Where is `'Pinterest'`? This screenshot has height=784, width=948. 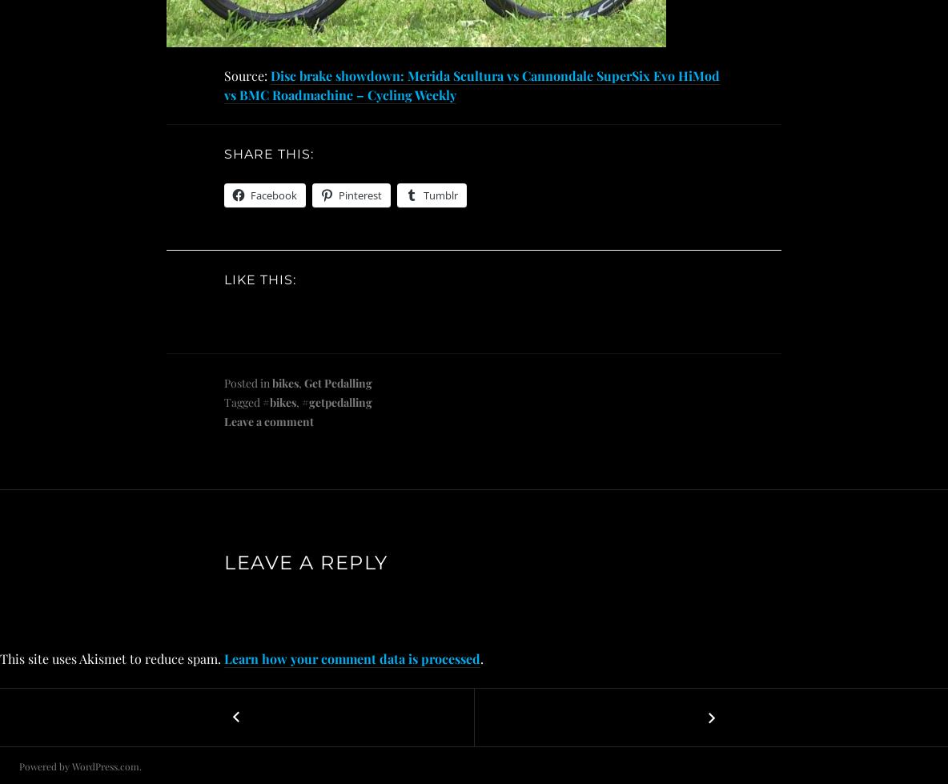
'Pinterest' is located at coordinates (360, 195).